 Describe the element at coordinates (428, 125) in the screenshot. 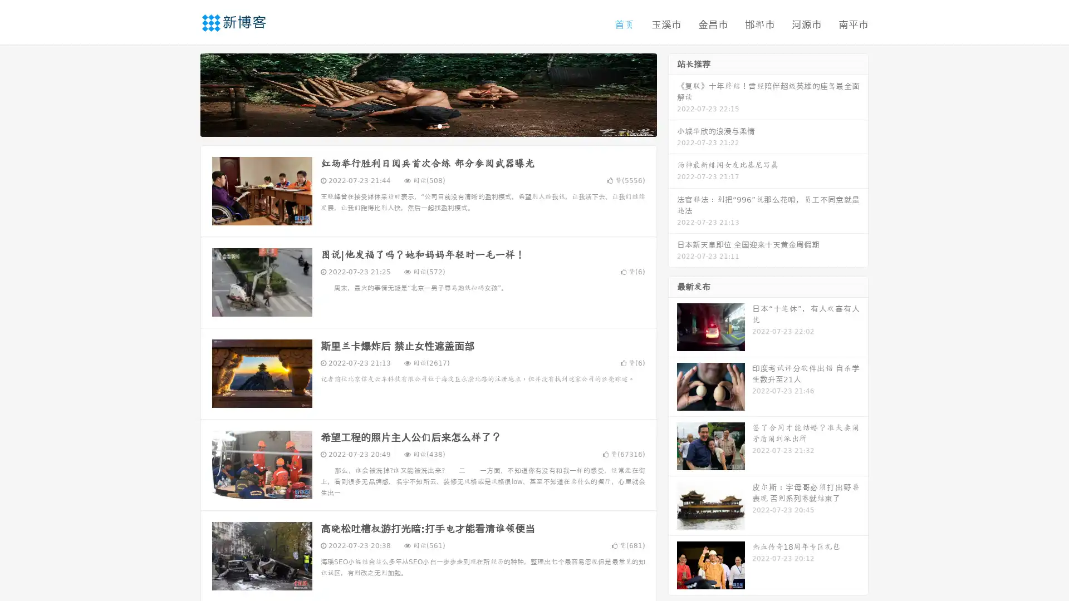

I see `Go to slide 2` at that location.